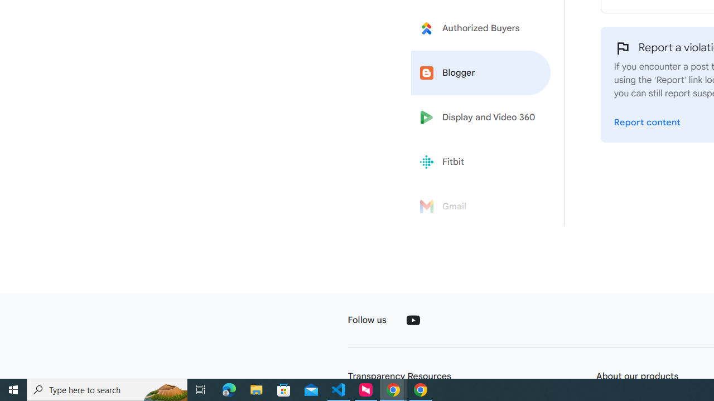 This screenshot has height=401, width=714. Describe the element at coordinates (481, 118) in the screenshot. I see `'Display and Video 360'` at that location.